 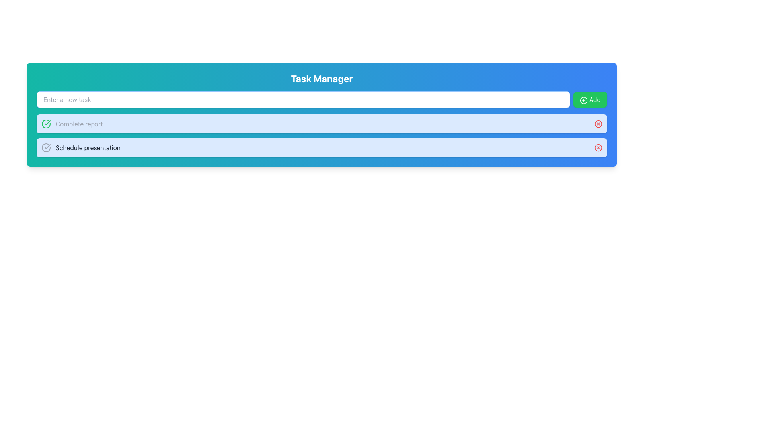 I want to click on the text label that reads 'Complete report,' which is styled with a strikethrough effect and located in the task list area, indicating it has been marked as completed, so click(x=79, y=124).